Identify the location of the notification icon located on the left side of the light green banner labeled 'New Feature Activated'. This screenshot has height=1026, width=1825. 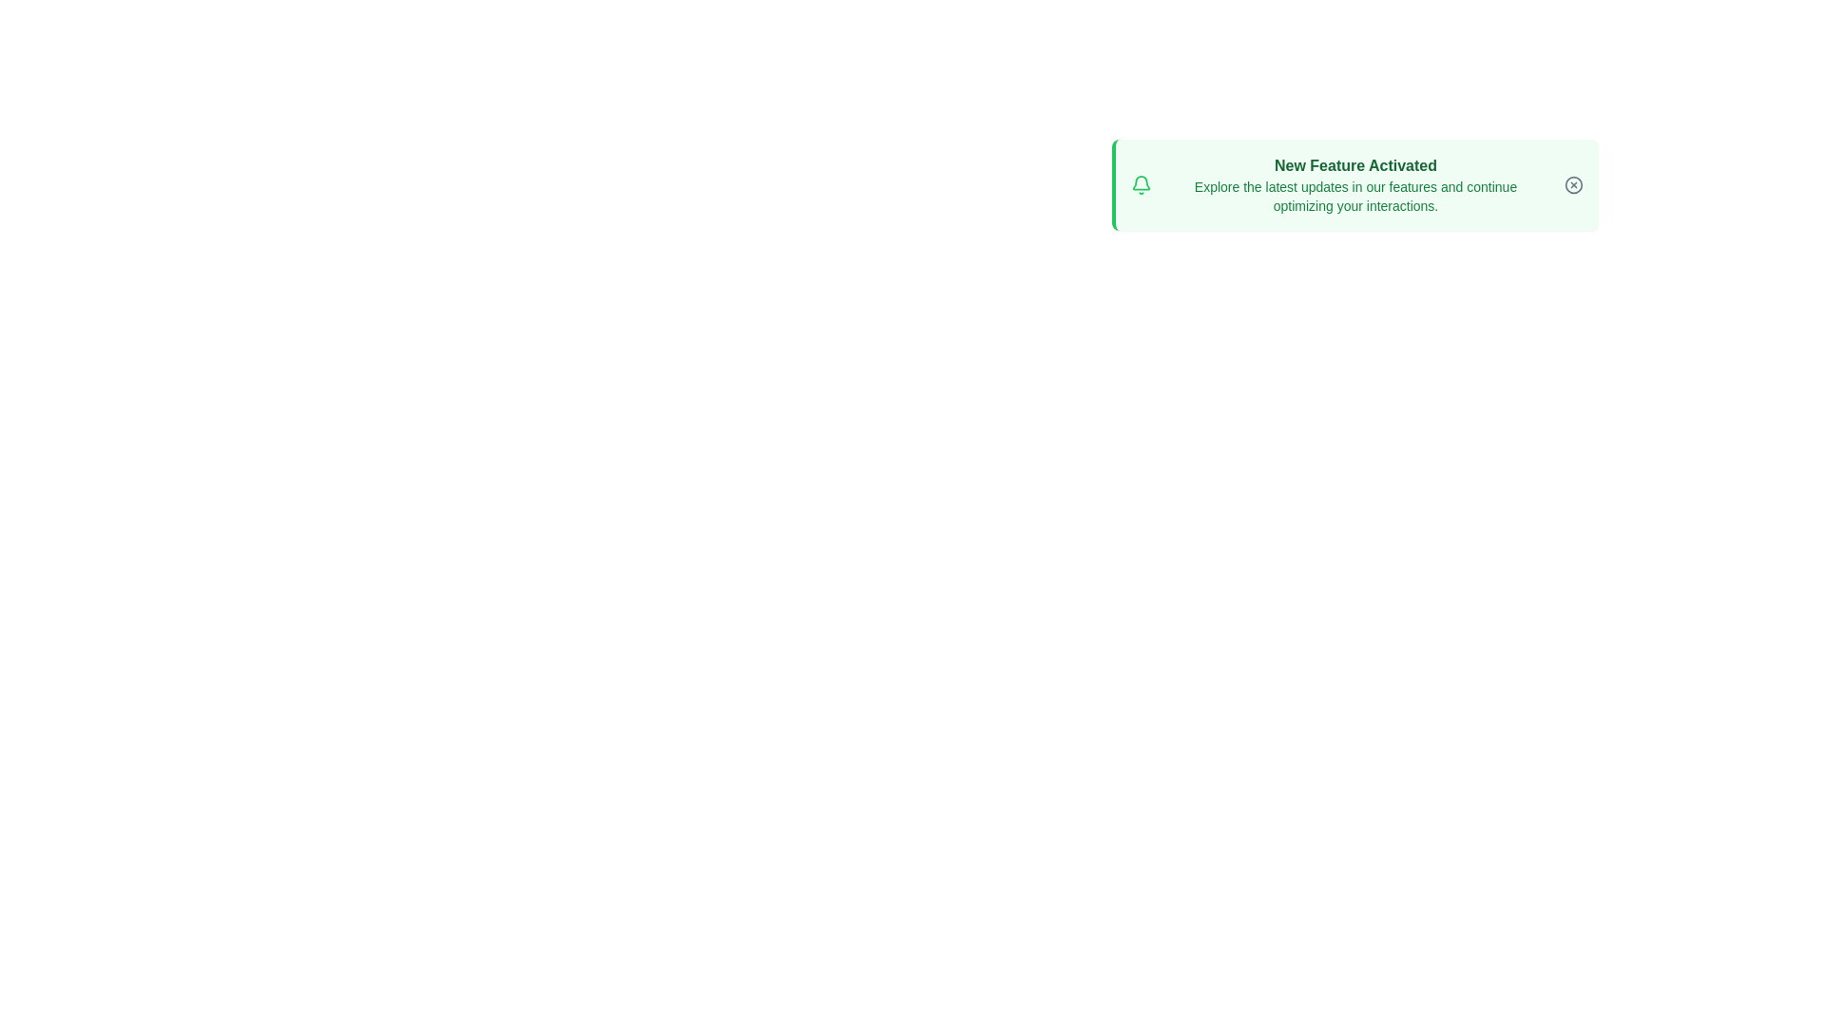
(1141, 182).